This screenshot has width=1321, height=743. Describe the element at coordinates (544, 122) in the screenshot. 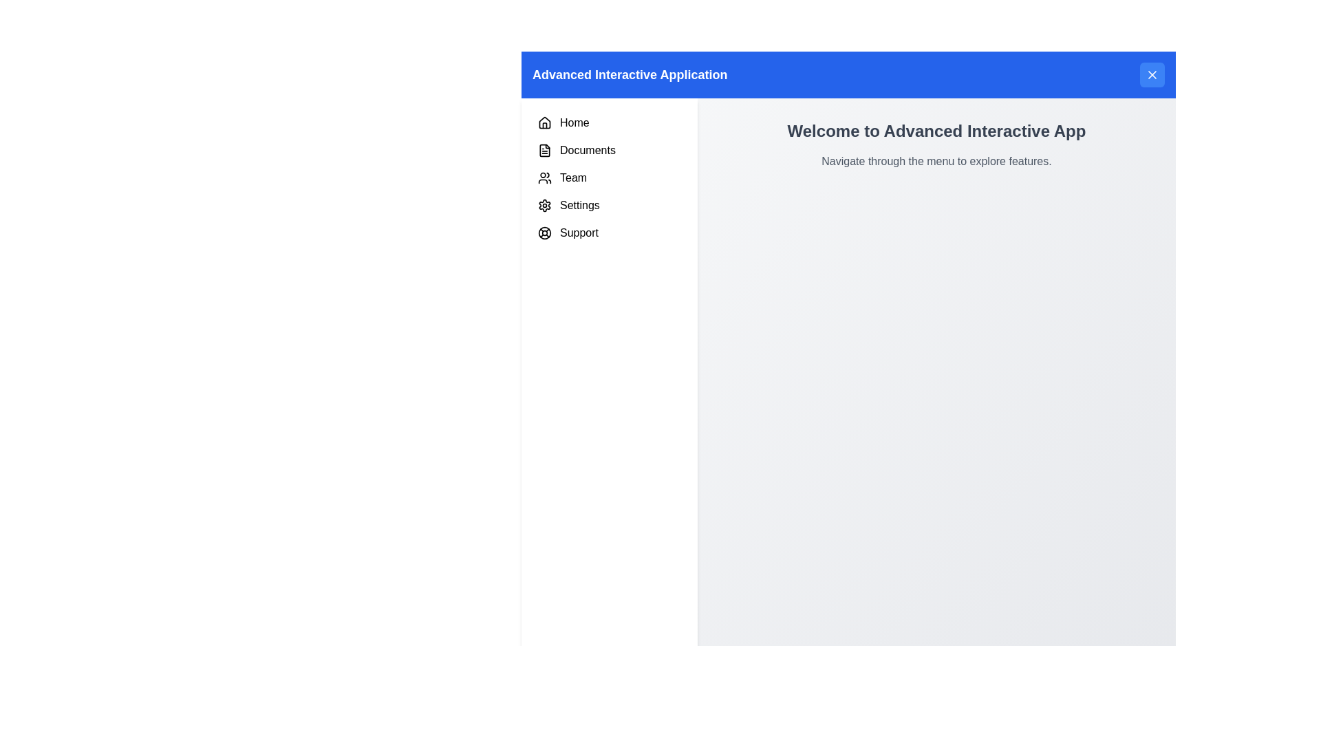

I see `the 'Home' navigation icon located in the sidebar menu, which is the first icon next to the text label 'Home'` at that location.